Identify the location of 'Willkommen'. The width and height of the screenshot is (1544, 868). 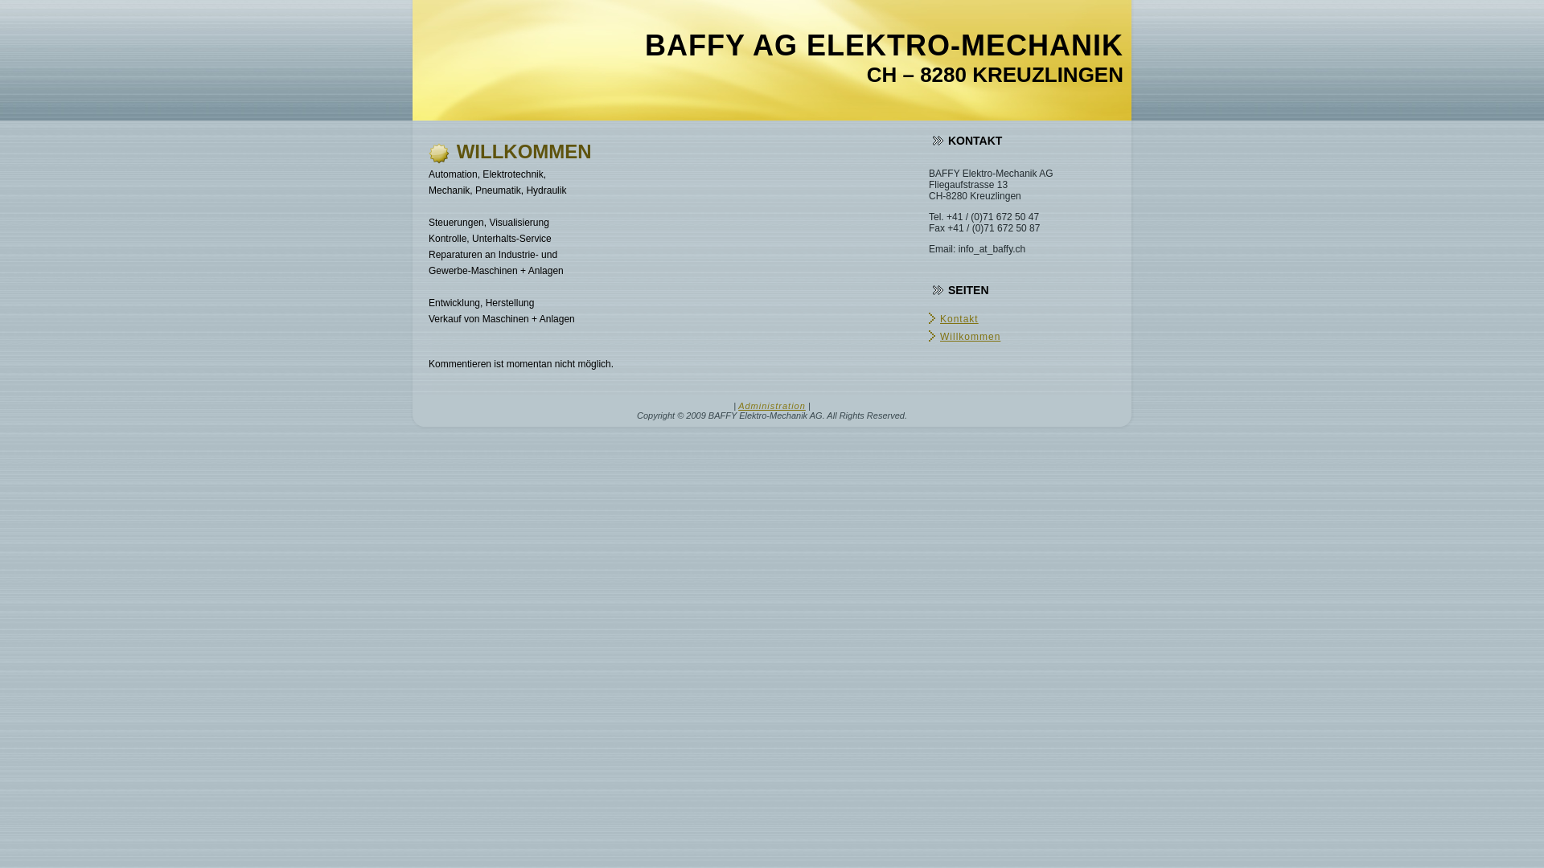
(969, 336).